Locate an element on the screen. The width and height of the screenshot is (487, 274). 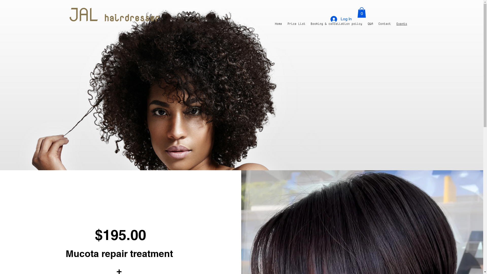
'Contact' is located at coordinates (385, 24).